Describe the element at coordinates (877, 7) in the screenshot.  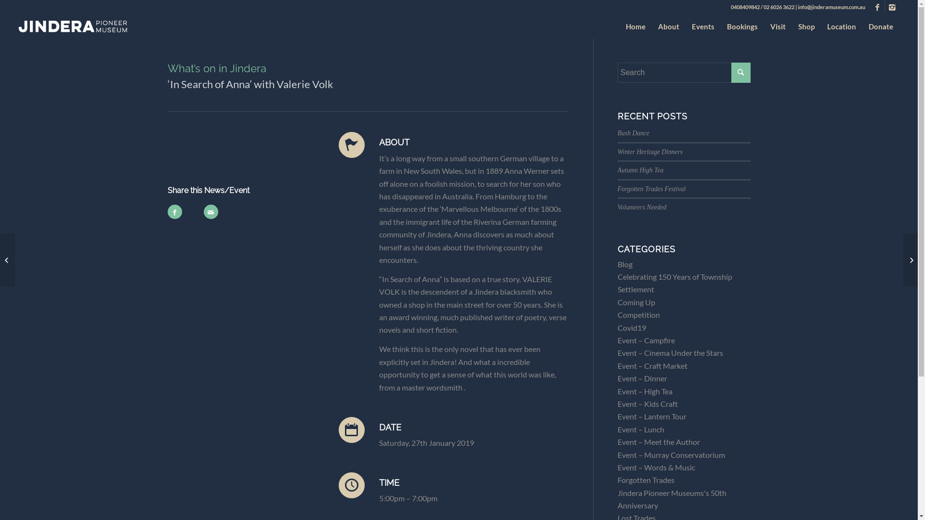
I see `'Facebook'` at that location.